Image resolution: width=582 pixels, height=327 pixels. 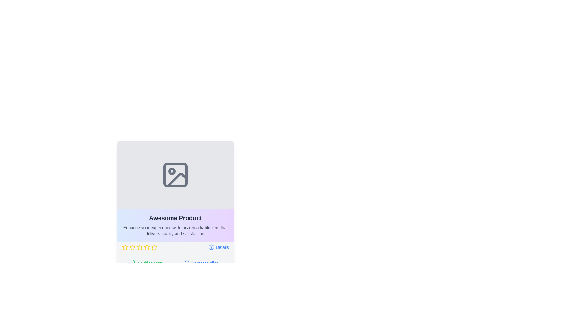 I want to click on Decorative SVG element located at the top center of the product display card interface, which serves as a geometric distinction in the design, so click(x=175, y=175).